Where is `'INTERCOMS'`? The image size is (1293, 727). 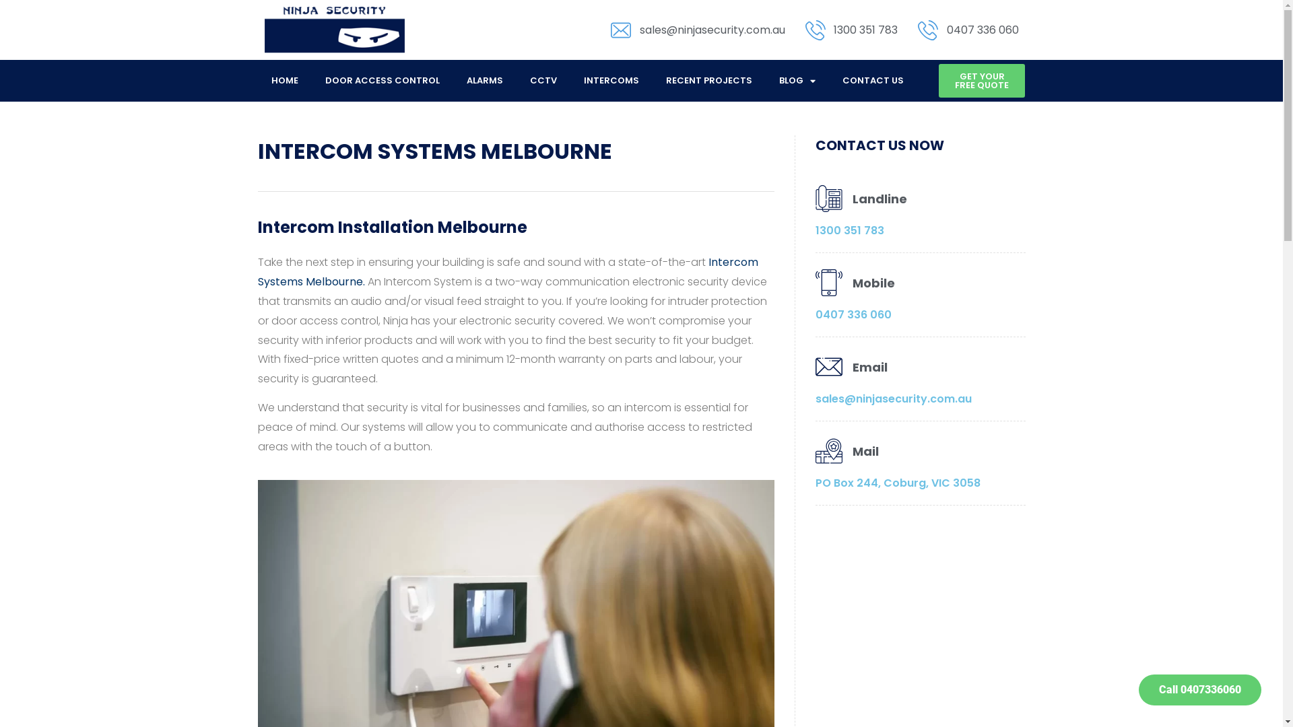
'INTERCOMS' is located at coordinates (610, 80).